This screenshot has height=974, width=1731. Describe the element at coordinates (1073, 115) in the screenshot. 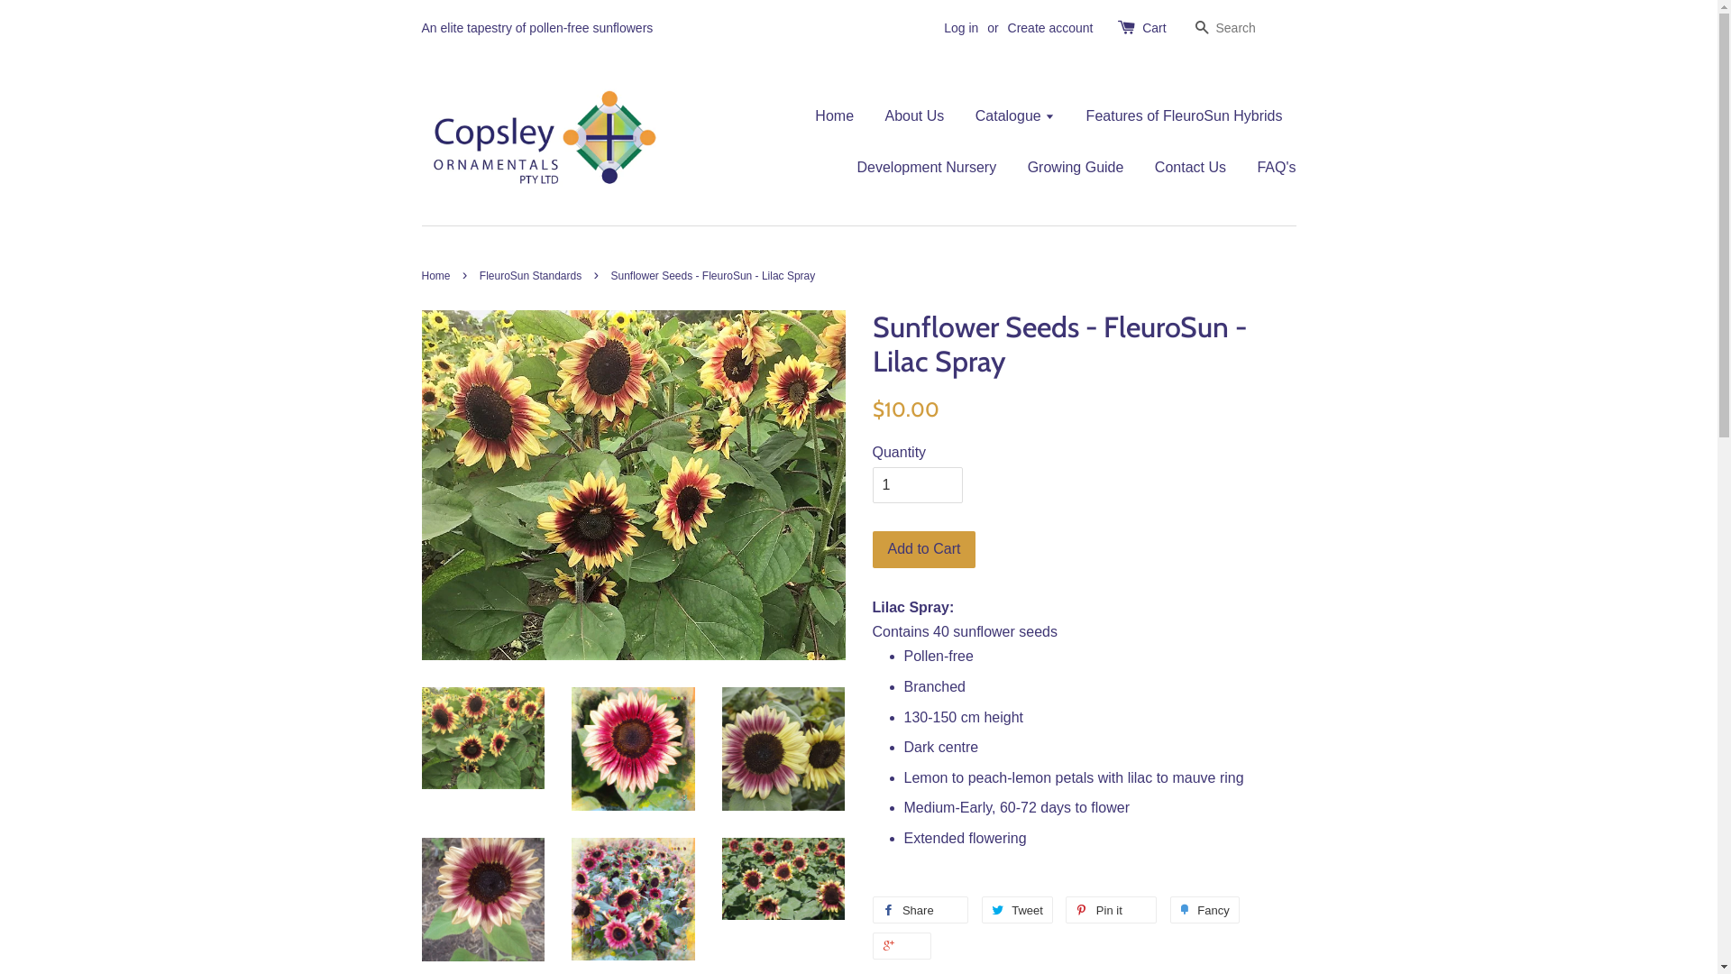

I see `'Features of FleuroSun Hybrids'` at that location.